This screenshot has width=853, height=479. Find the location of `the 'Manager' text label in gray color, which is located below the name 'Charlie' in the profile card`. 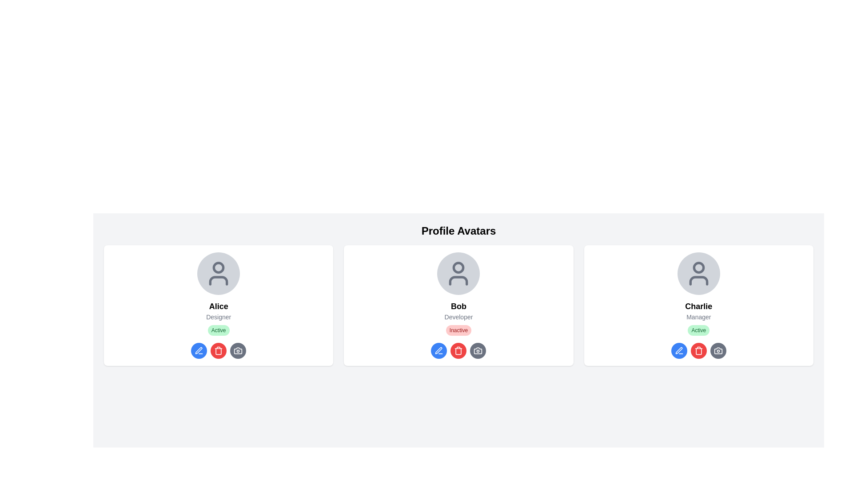

the 'Manager' text label in gray color, which is located below the name 'Charlie' in the profile card is located at coordinates (698, 316).